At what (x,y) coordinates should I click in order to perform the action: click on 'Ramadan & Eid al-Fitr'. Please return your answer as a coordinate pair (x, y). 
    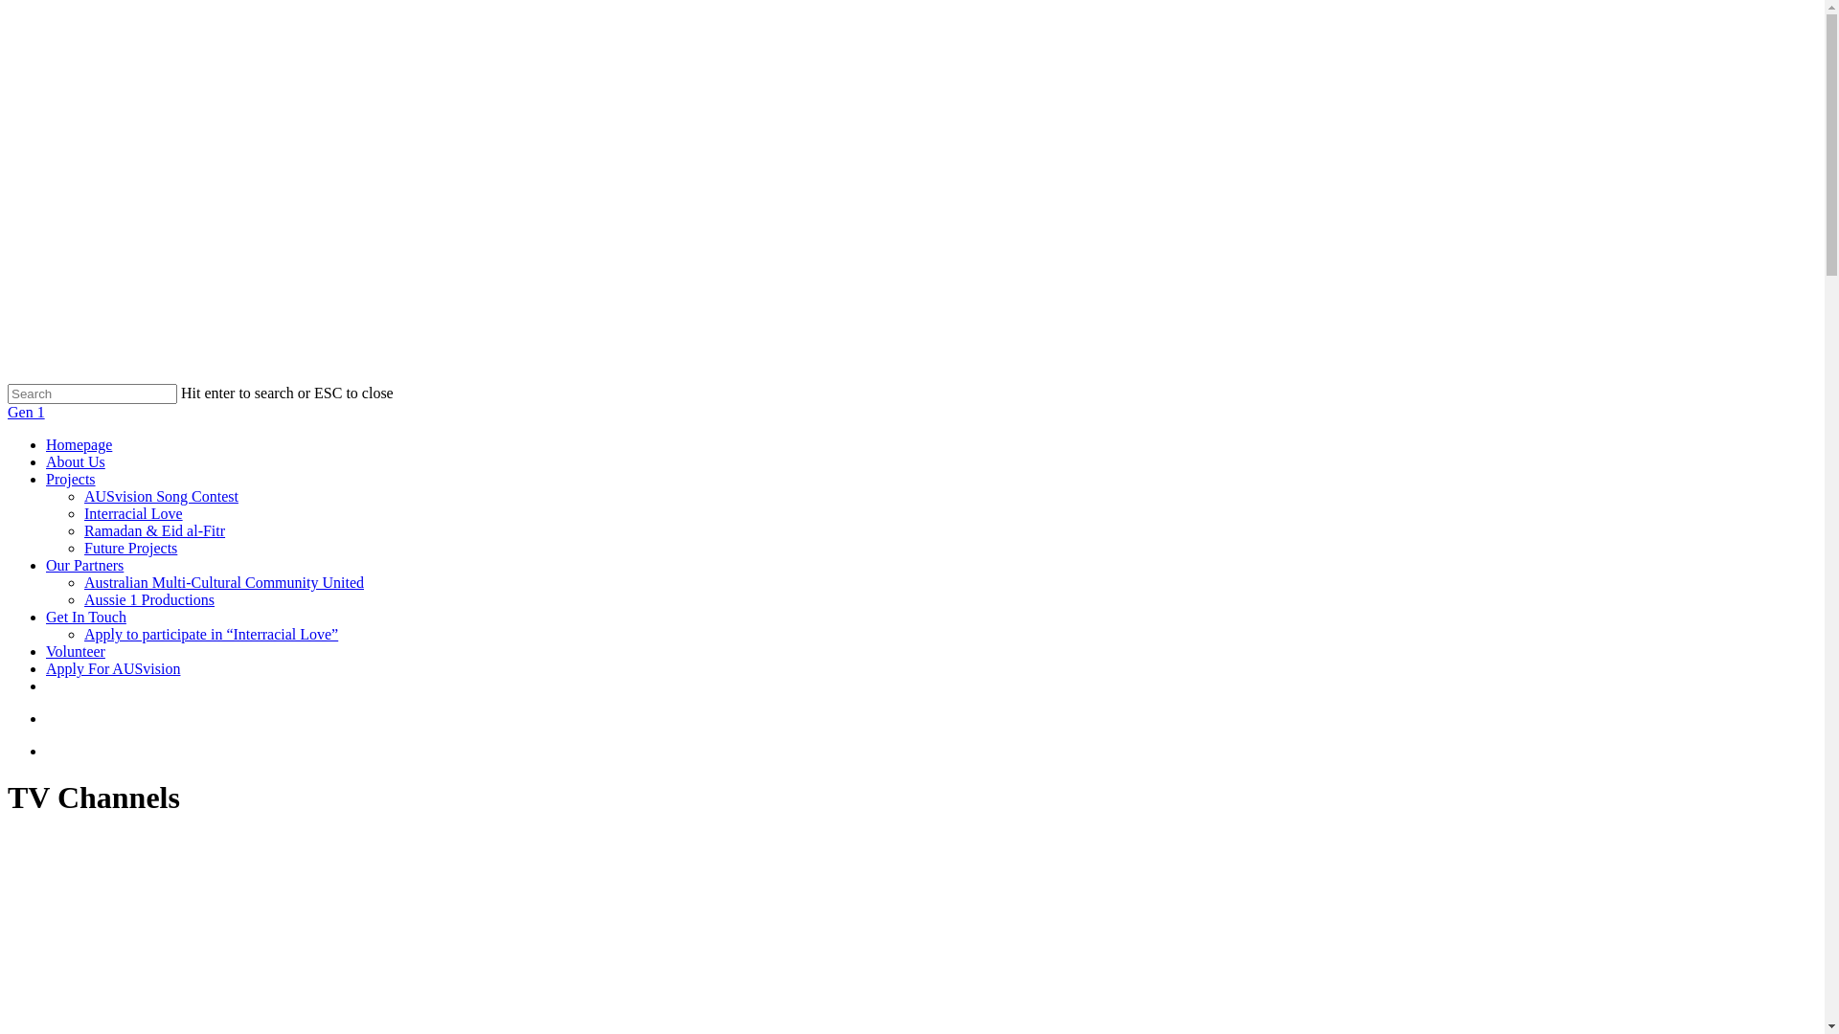
    Looking at the image, I should click on (154, 530).